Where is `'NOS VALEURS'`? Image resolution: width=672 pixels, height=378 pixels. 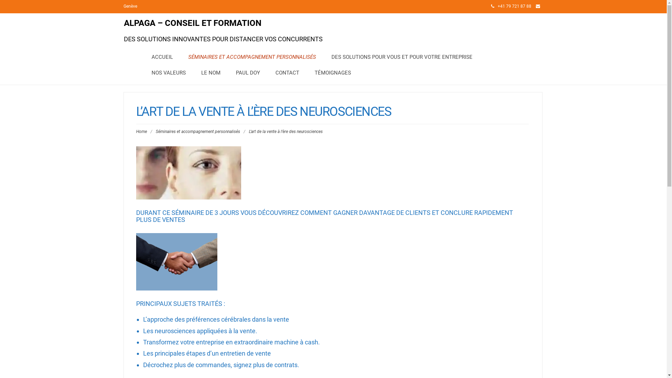
'NOS VALEURS' is located at coordinates (168, 73).